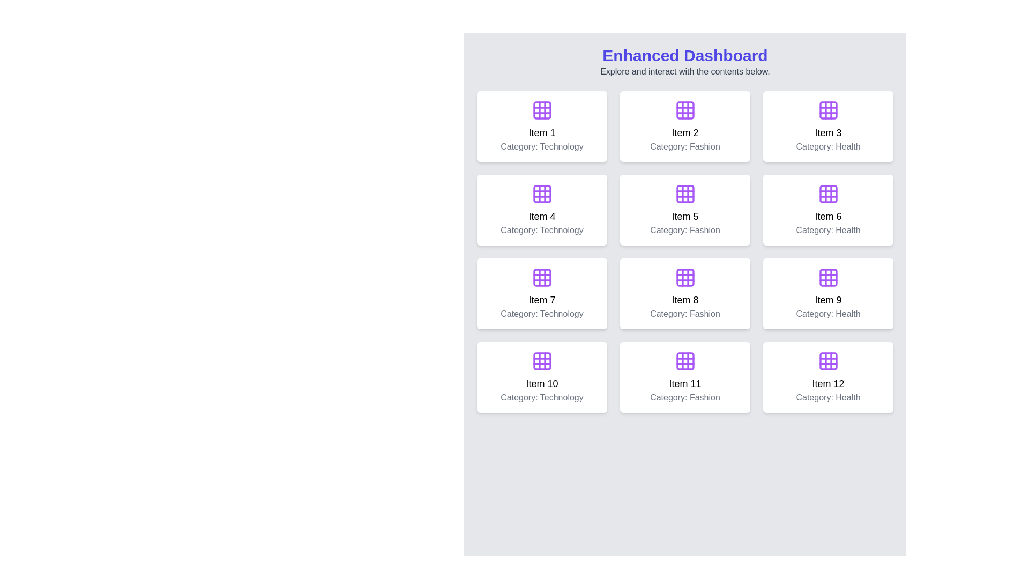  I want to click on the purple 3x3 grid icon with rounded corners located on the item card labeled 'Item 10' in the grid layout, so click(542, 361).